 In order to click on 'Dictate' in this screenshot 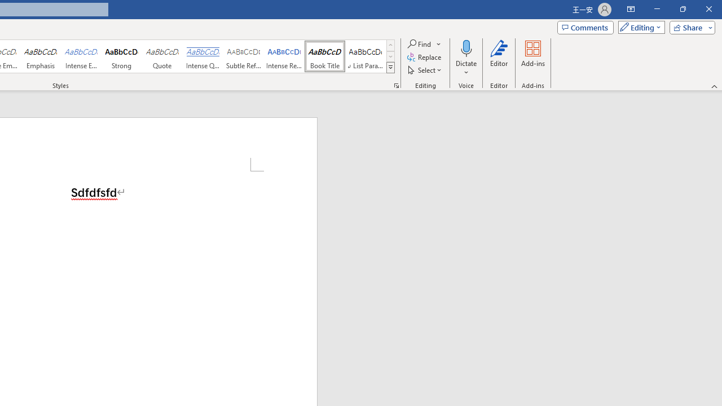, I will do `click(466, 58)`.